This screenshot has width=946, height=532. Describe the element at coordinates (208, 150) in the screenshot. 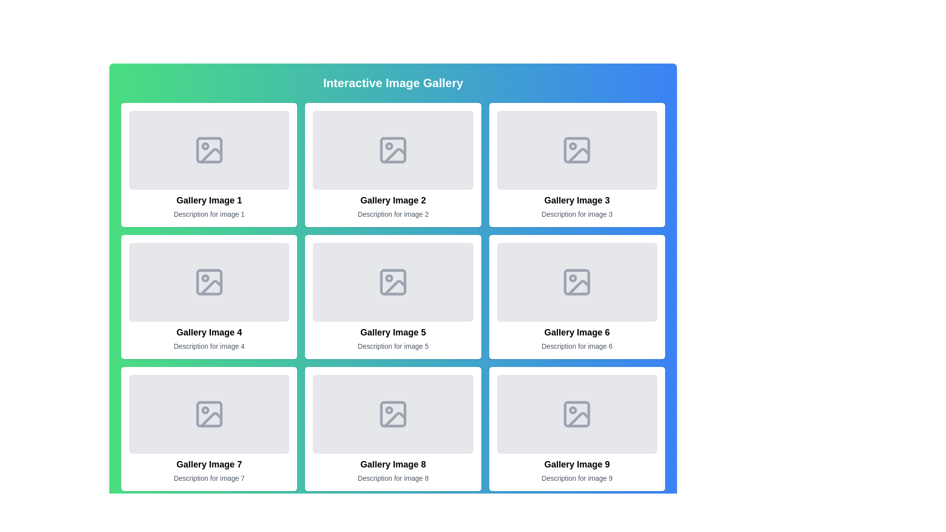

I see `the rectangular placeholder for 'Gallery Image 1' located` at that location.